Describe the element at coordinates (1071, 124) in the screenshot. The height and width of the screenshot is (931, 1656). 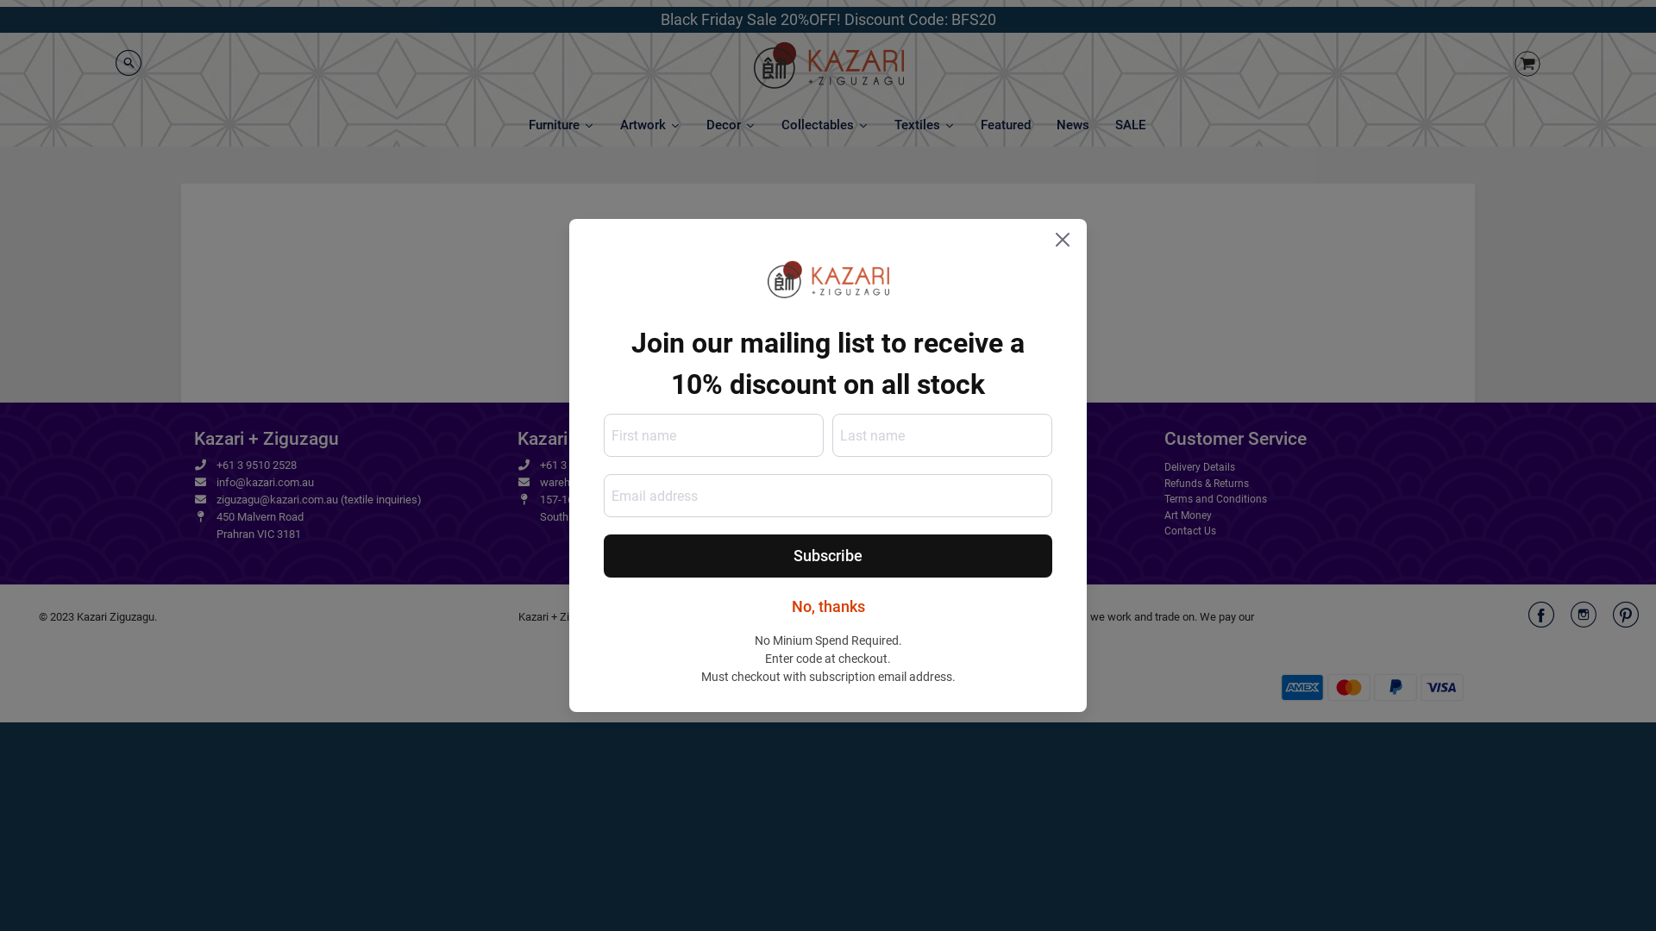
I see `'News'` at that location.